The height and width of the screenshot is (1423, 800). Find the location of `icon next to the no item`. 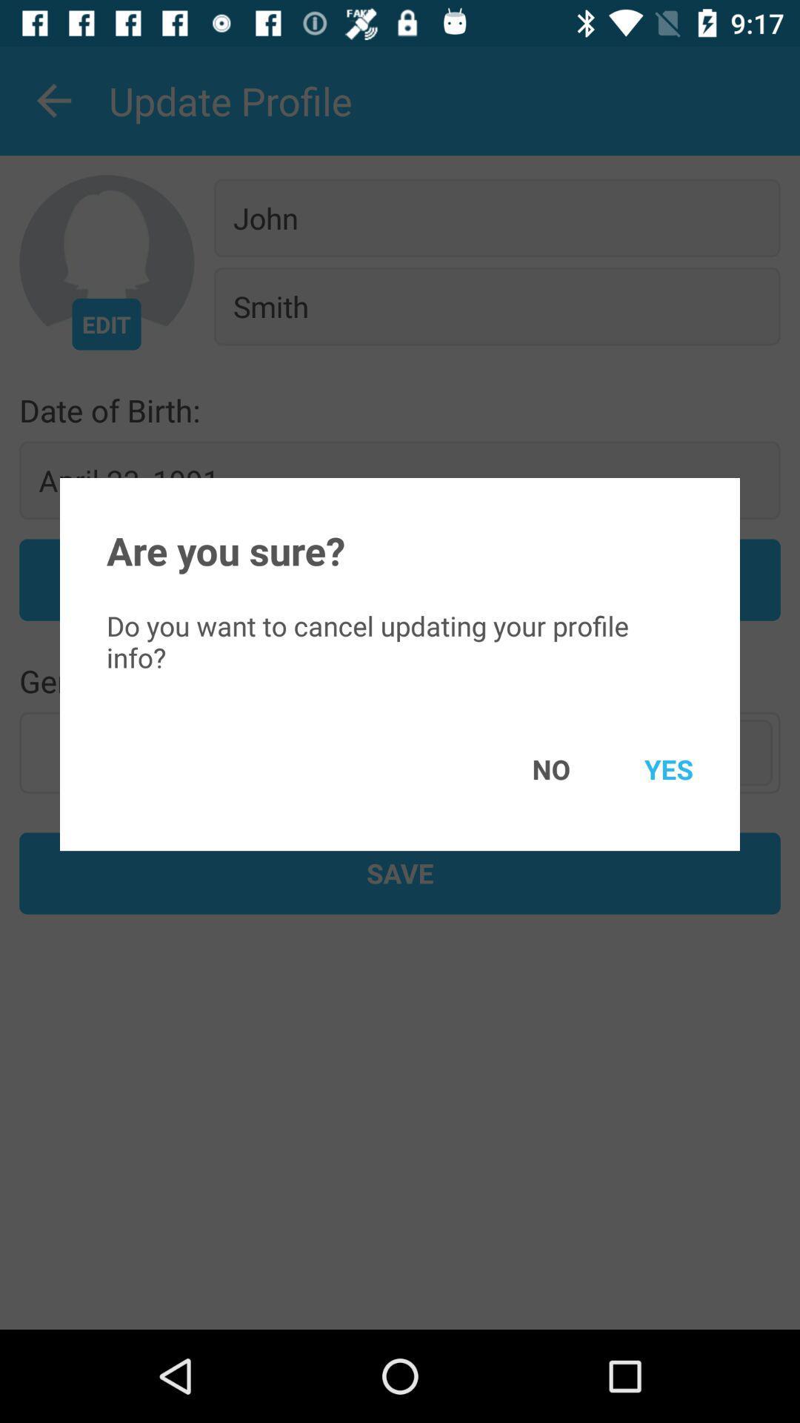

icon next to the no item is located at coordinates (647, 769).